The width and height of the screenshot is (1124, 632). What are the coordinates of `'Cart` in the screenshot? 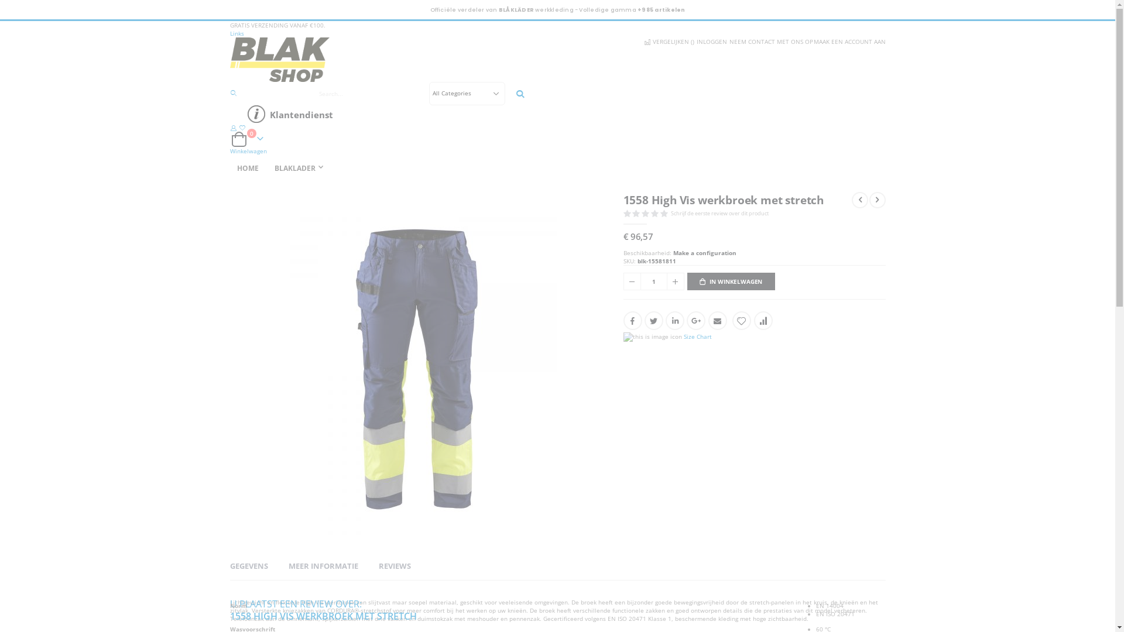 It's located at (247, 139).